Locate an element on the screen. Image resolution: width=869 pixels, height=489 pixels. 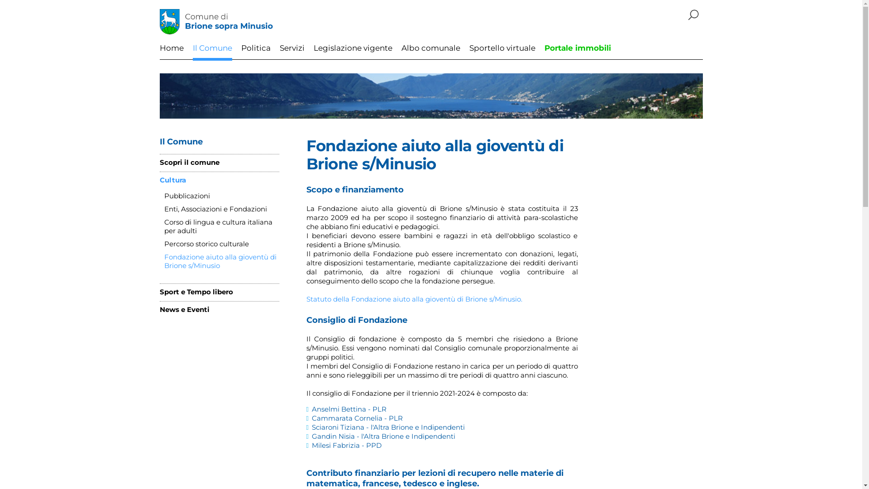
'Albo comunale' is located at coordinates (430, 52).